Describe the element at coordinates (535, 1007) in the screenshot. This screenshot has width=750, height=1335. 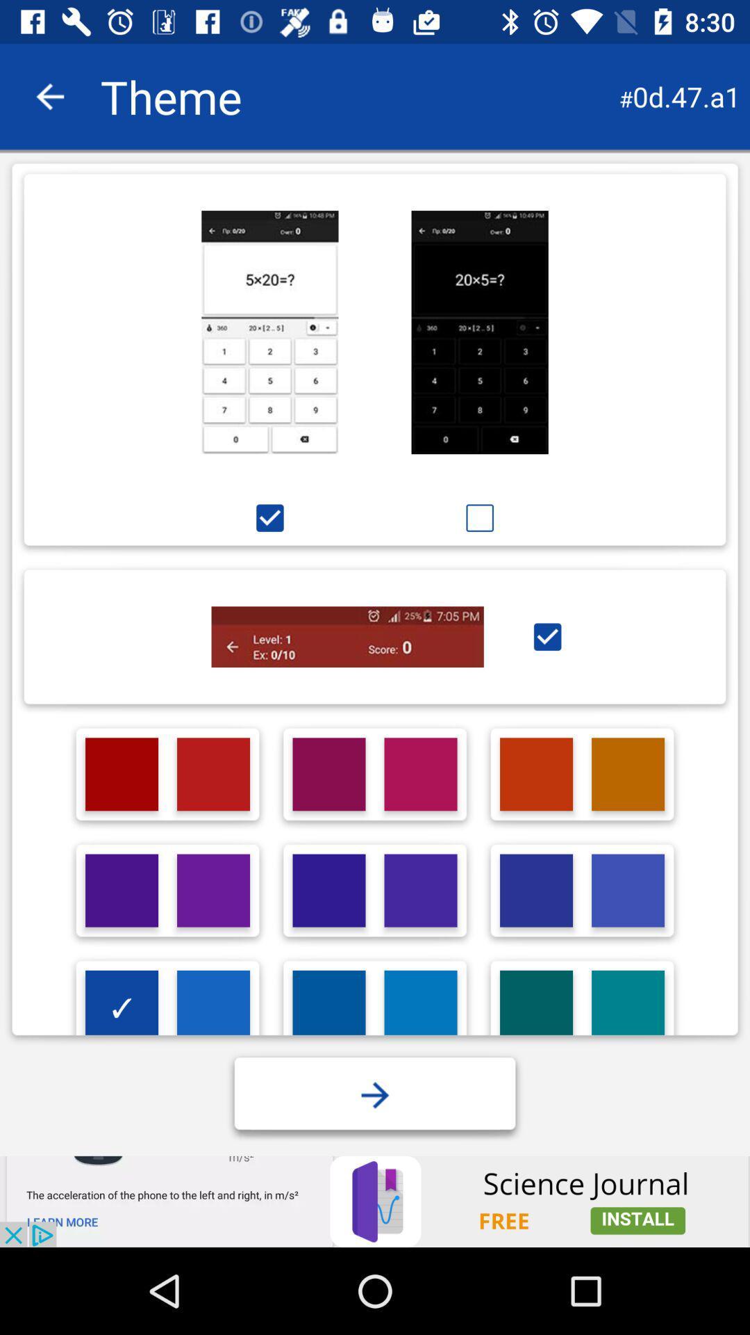
I see `logo` at that location.